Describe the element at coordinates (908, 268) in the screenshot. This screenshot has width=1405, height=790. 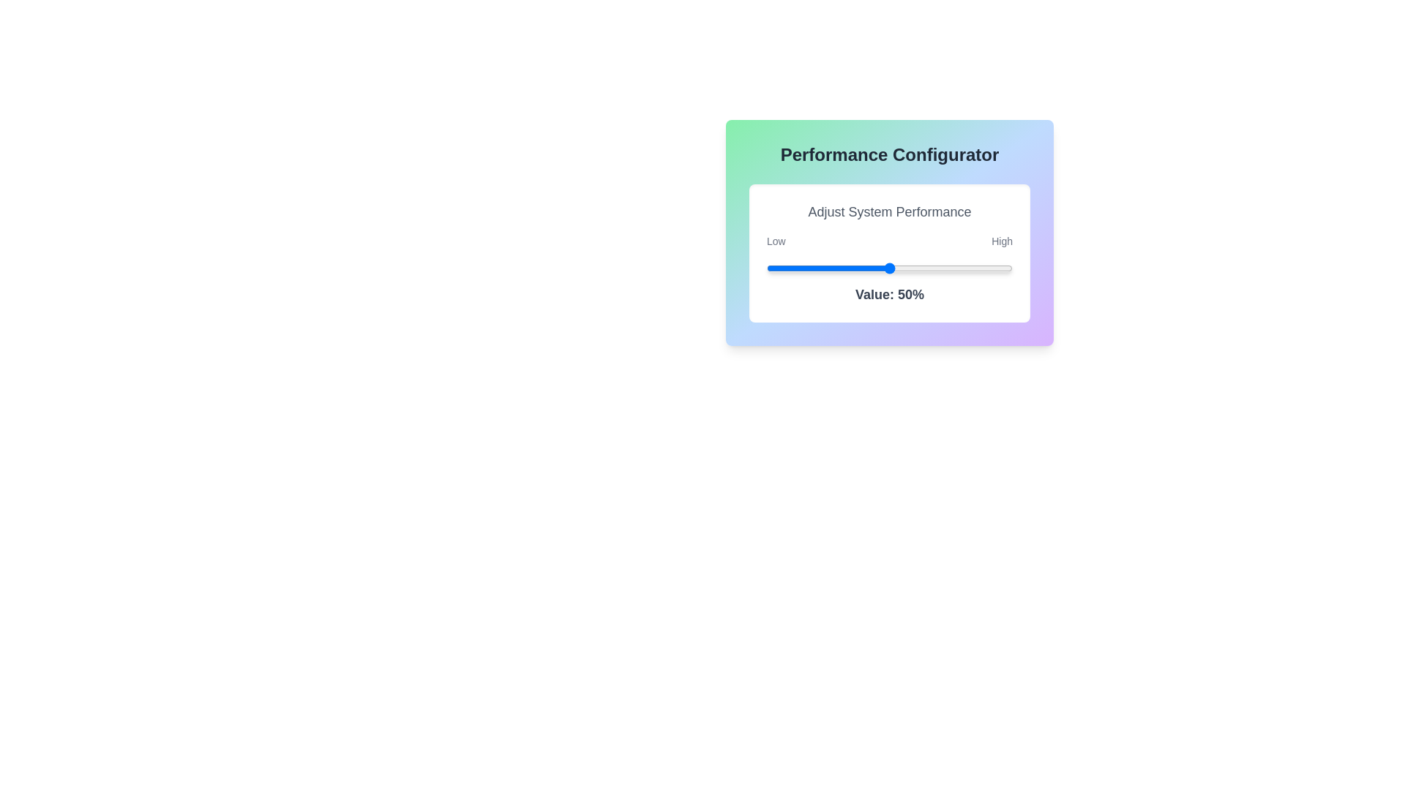
I see `the slider to 58% to adjust the performance value` at that location.